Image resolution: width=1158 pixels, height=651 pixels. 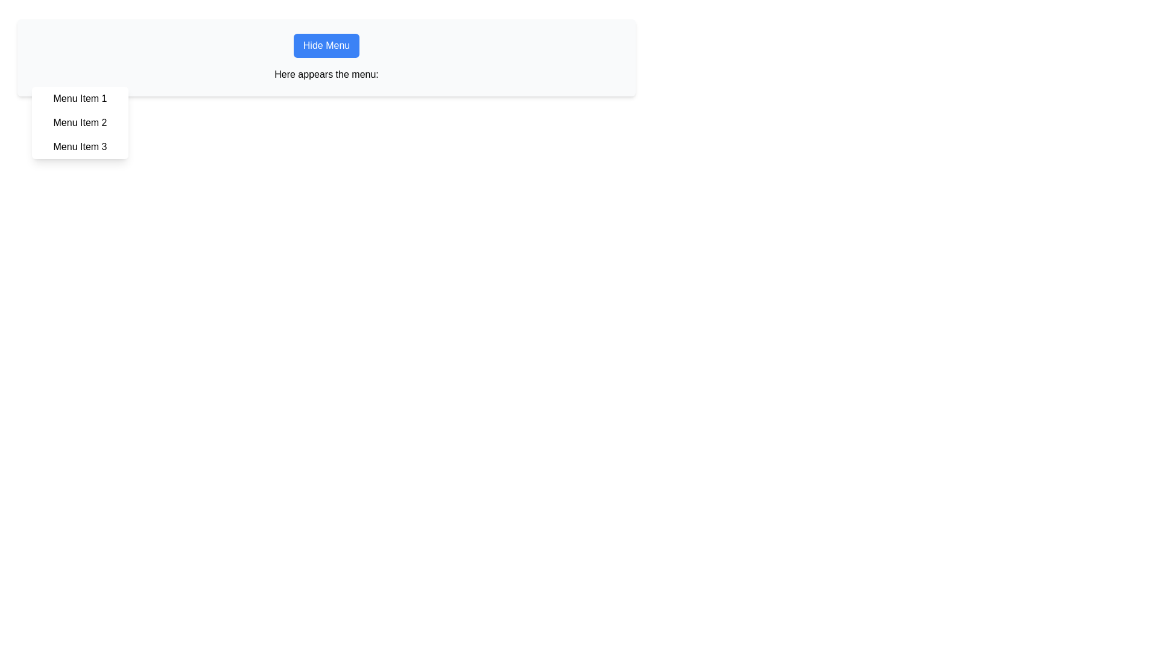 What do you see at coordinates (80, 123) in the screenshot?
I see `the menu item displaying 'Menu Item 2', which is the second item in a vertical menu list positioned in the upper left quadrant of the interface` at bounding box center [80, 123].